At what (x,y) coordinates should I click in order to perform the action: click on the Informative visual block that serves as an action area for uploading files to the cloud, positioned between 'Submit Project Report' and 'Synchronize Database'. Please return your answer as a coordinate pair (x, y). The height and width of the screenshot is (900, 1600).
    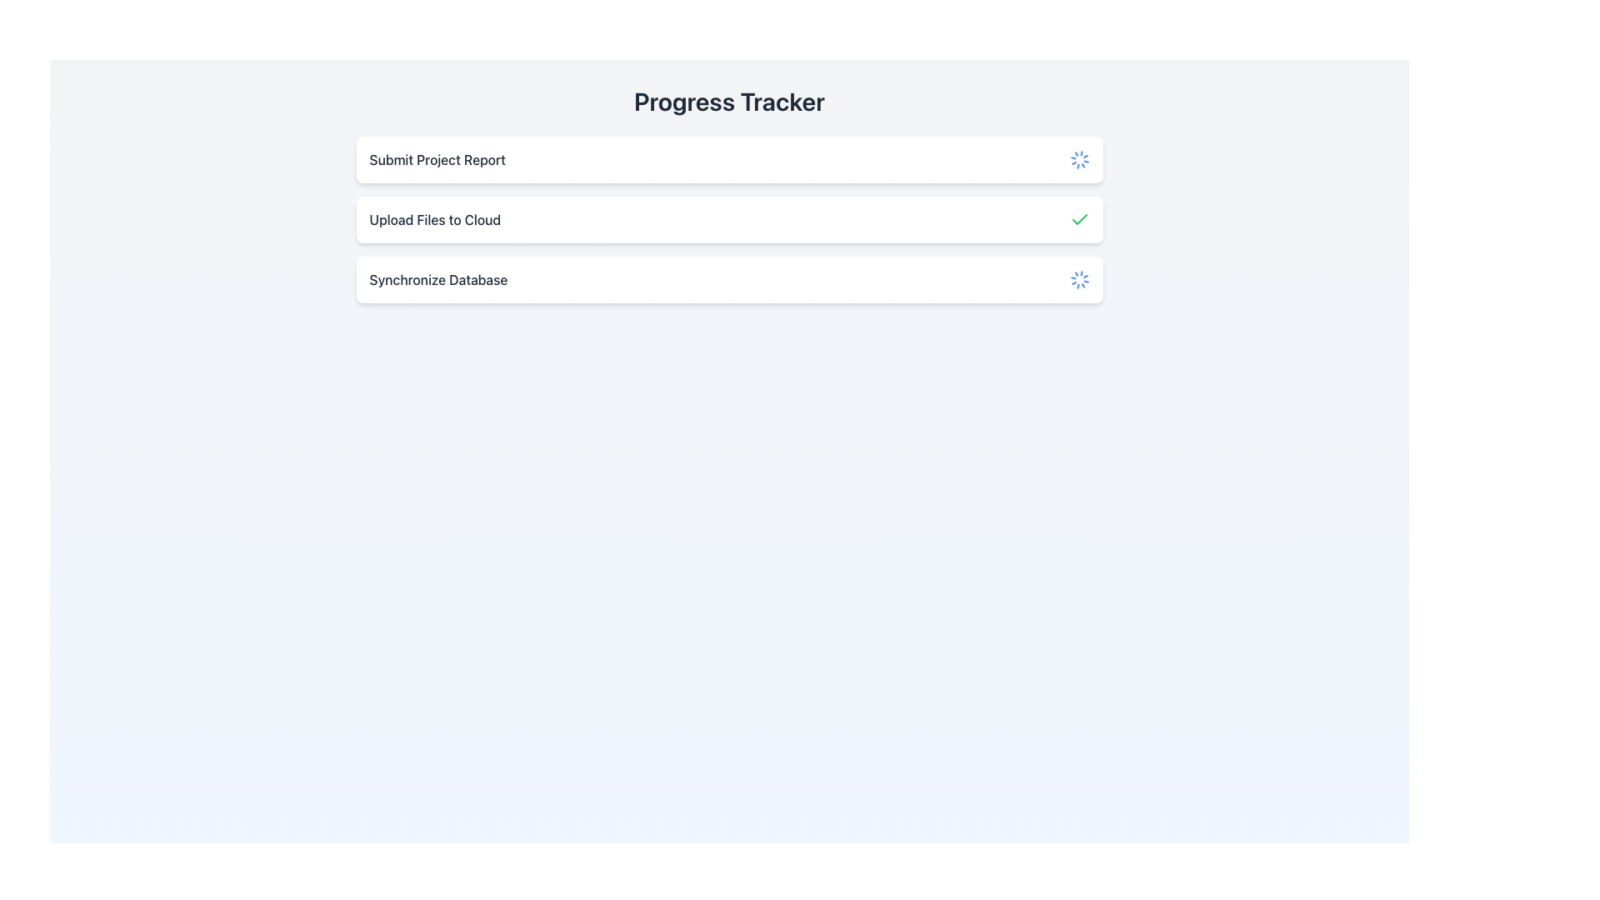
    Looking at the image, I should click on (729, 218).